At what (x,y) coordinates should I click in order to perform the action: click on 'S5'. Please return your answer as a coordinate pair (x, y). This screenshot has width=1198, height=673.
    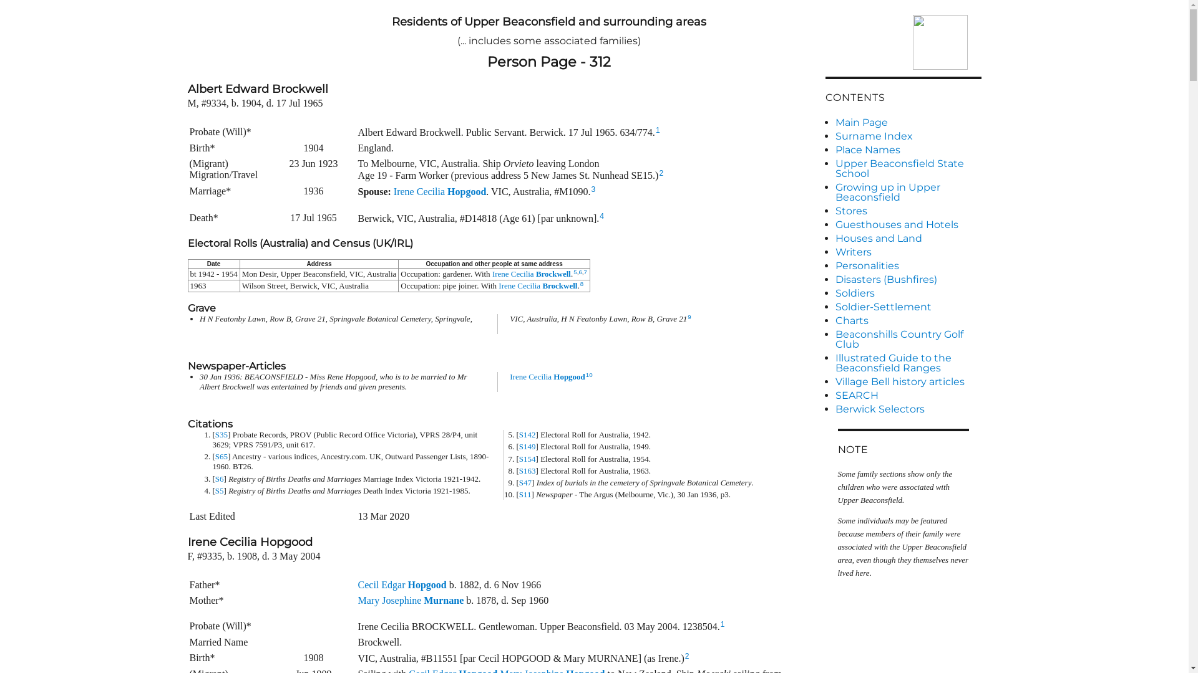
    Looking at the image, I should click on (219, 490).